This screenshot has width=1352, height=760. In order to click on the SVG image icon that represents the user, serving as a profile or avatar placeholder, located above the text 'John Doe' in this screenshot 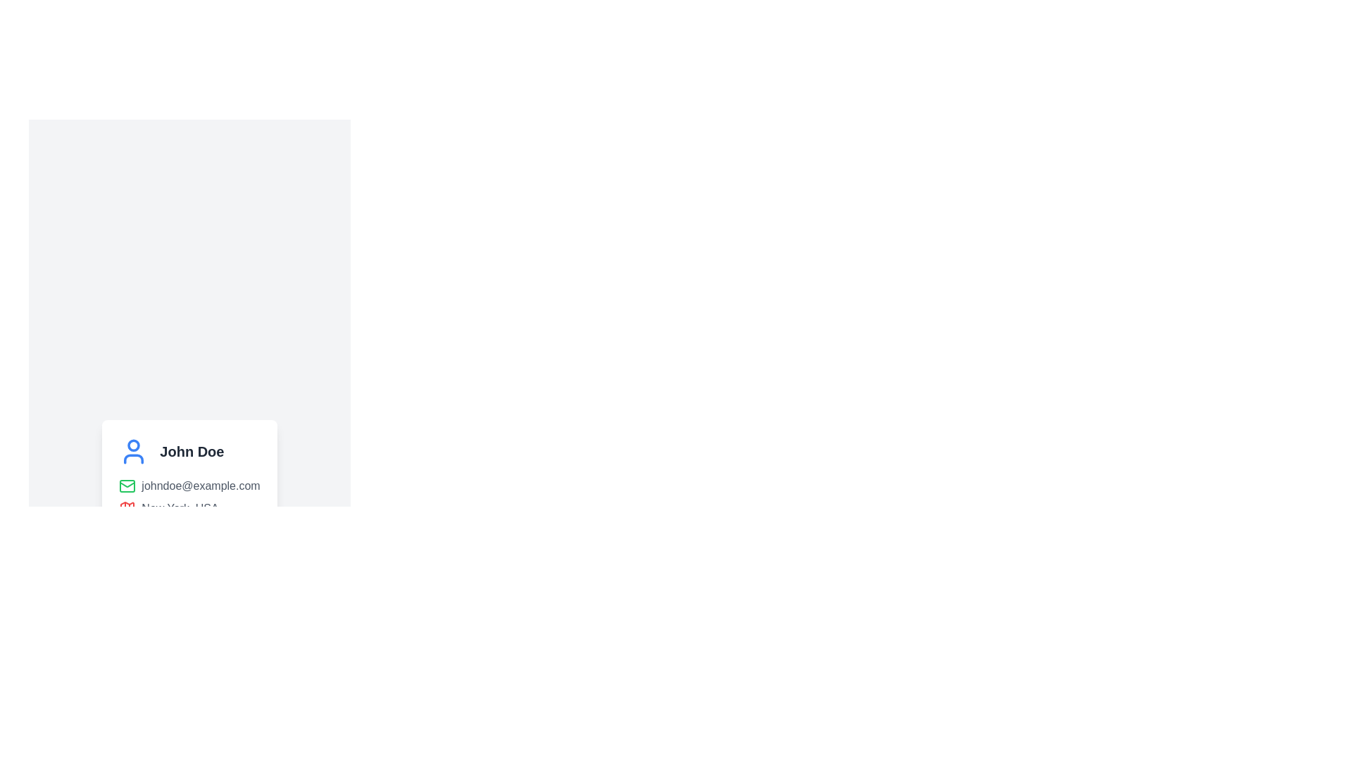, I will do `click(134, 451)`.